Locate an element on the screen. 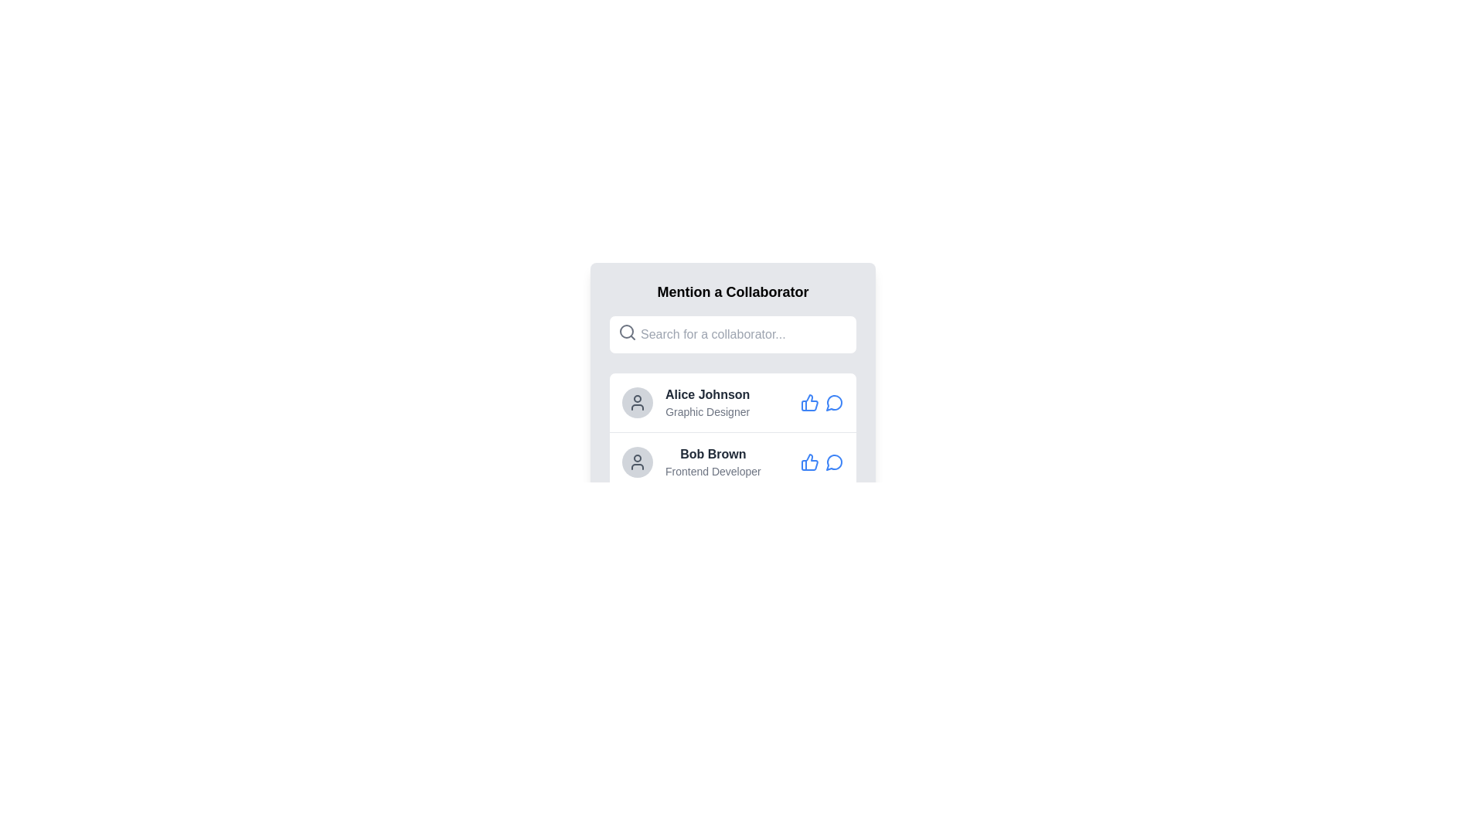  the circular component of the magnifying glass icon, which represents search functionality, located to the left of the 'Search for a collaborator...' input field is located at coordinates (627, 330).